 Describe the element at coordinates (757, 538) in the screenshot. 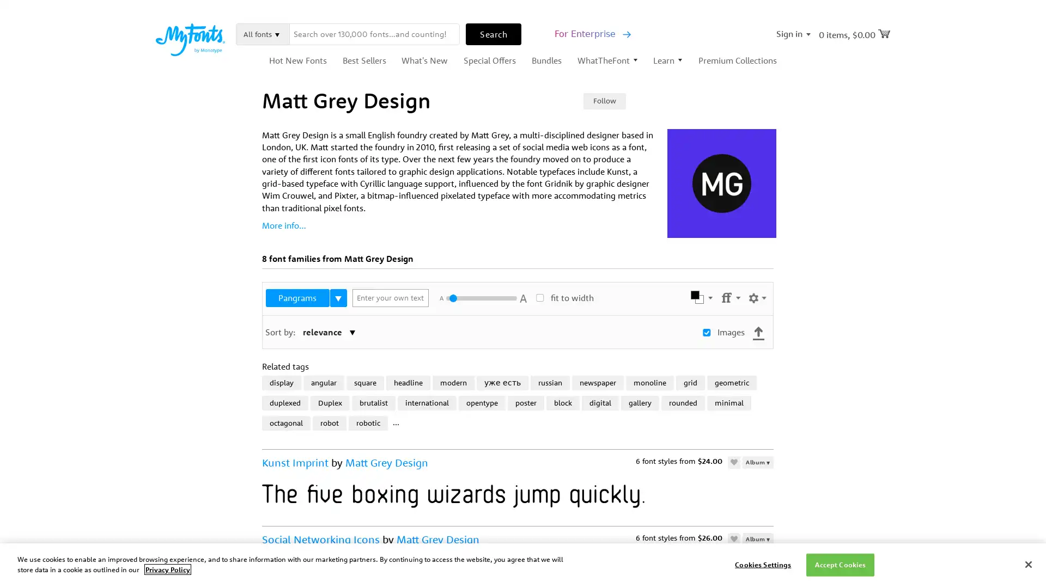

I see `Album` at that location.